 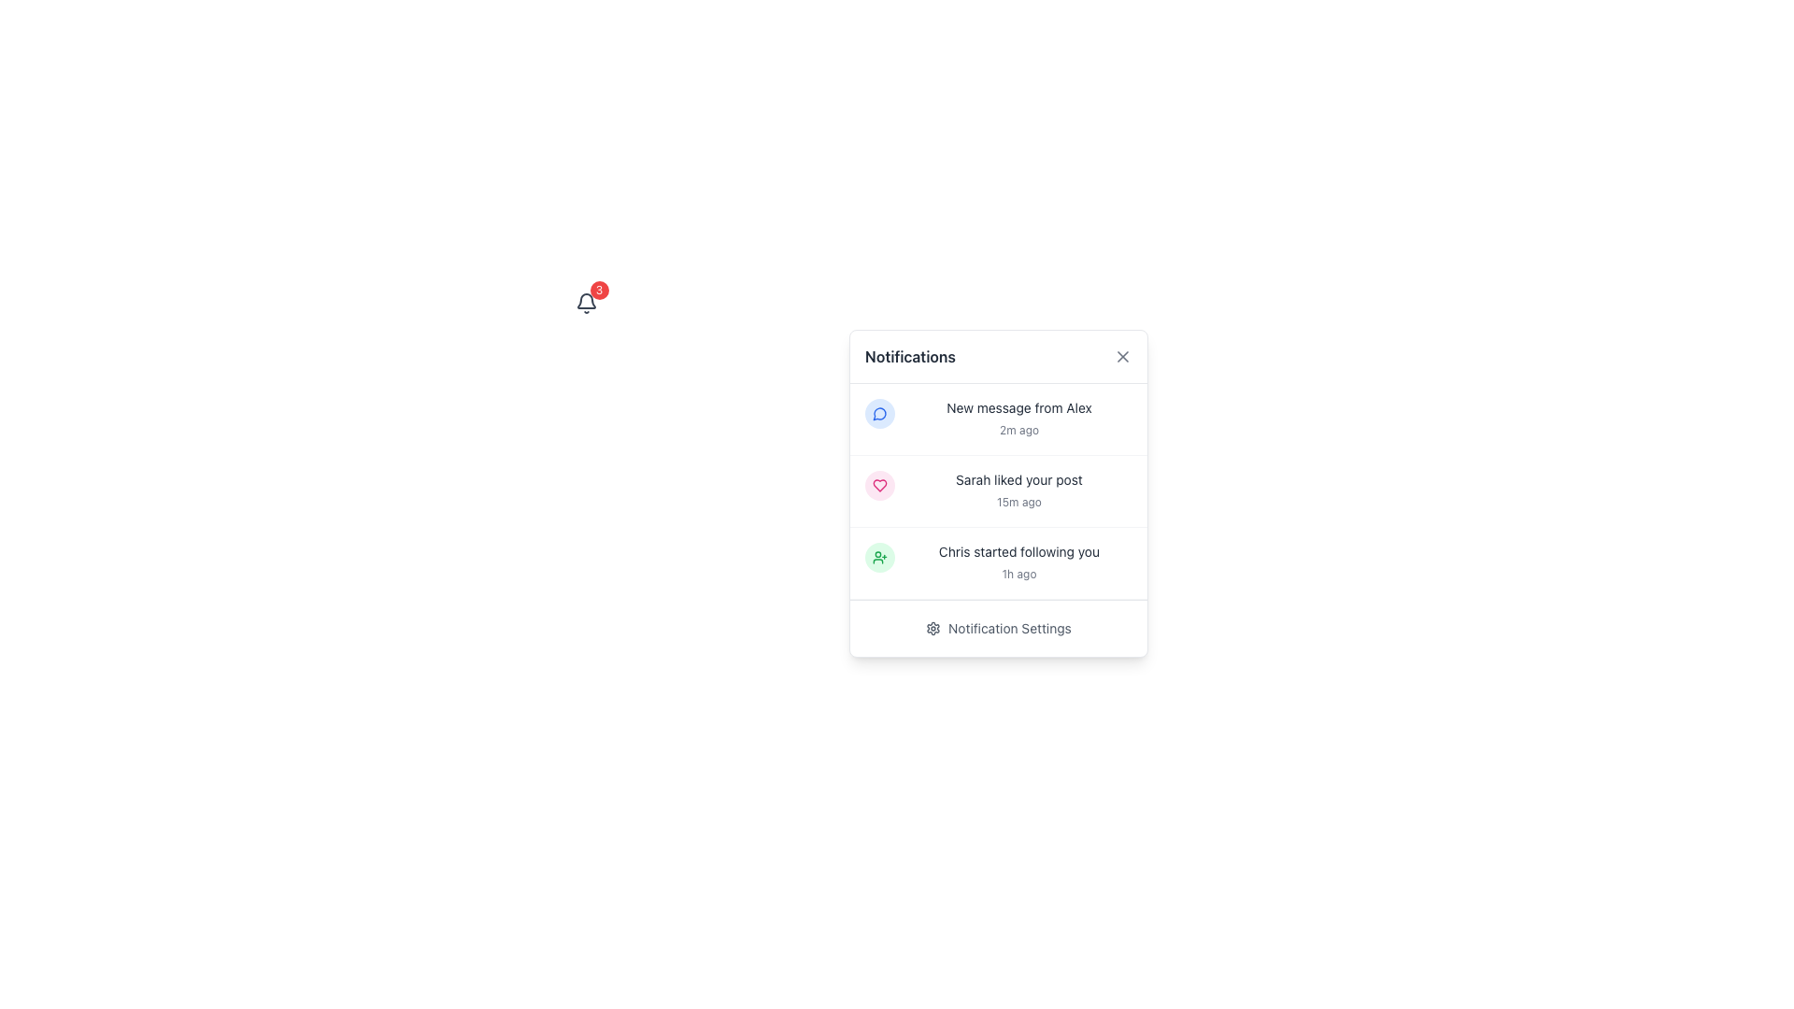 I want to click on the notification header text label indicating a new message from 'Alex', which is positioned at the top of the notification list, so click(x=1018, y=406).